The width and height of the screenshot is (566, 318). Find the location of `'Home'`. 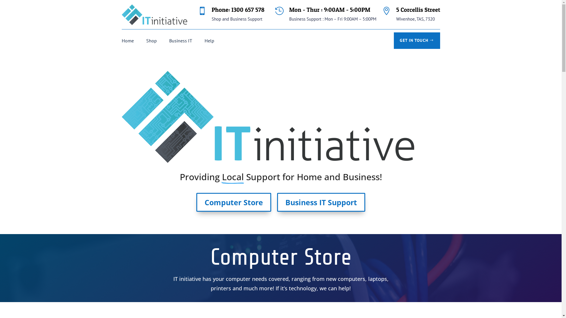

'Home' is located at coordinates (127, 42).